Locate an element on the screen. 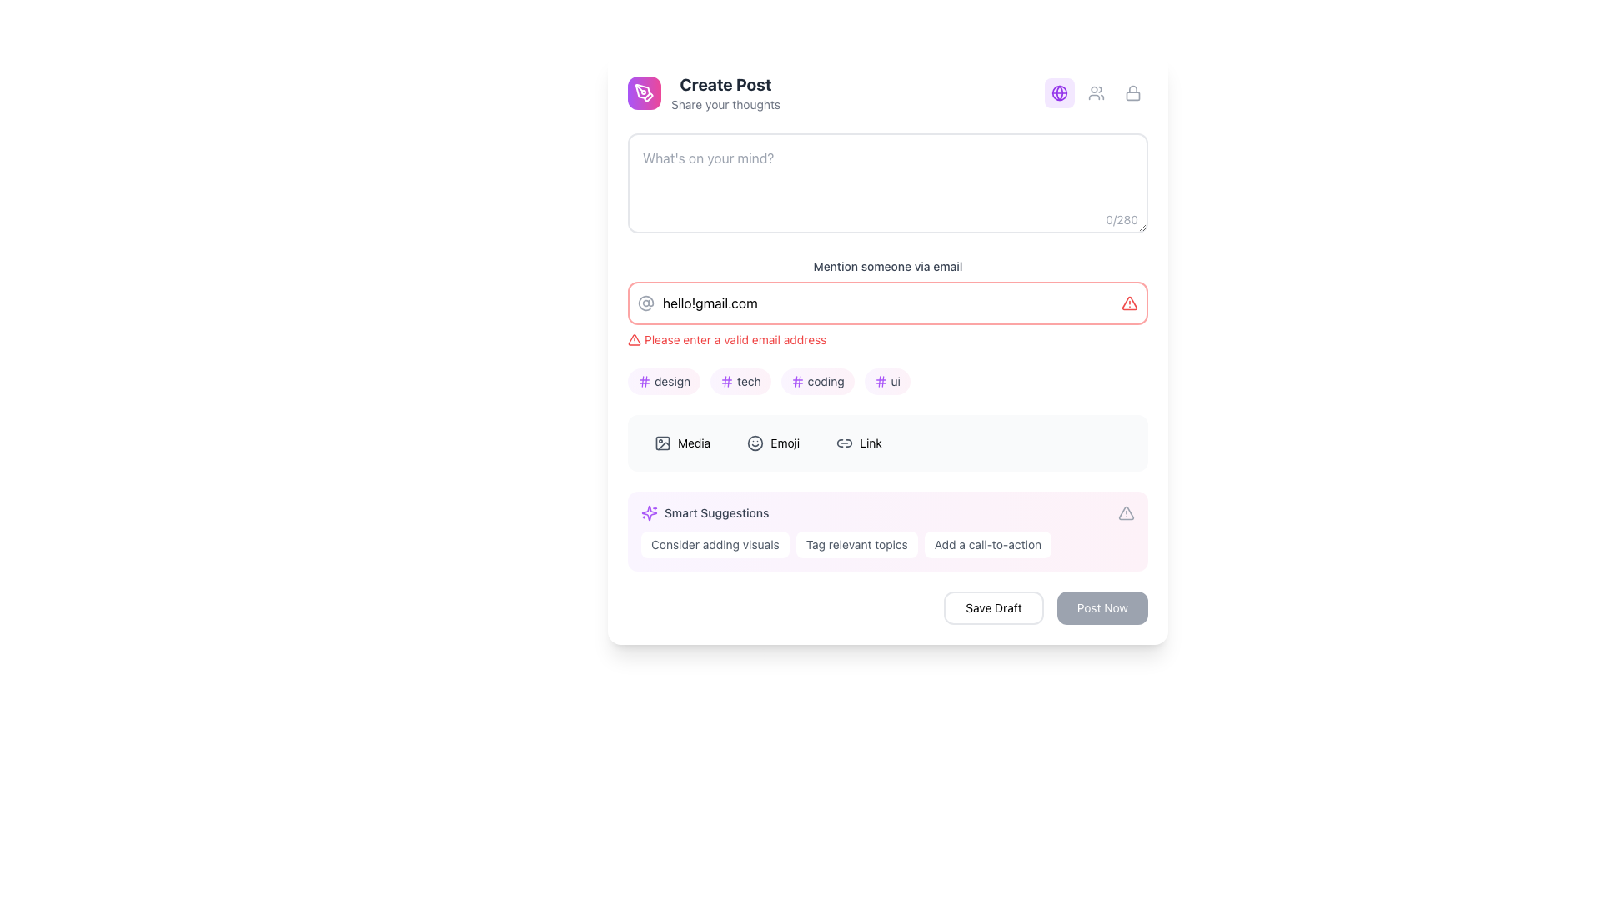 The height and width of the screenshot is (900, 1601). the triangular warning icon styled in red, located to the right of the text input field for invalid email addresses is located at coordinates (633, 339).